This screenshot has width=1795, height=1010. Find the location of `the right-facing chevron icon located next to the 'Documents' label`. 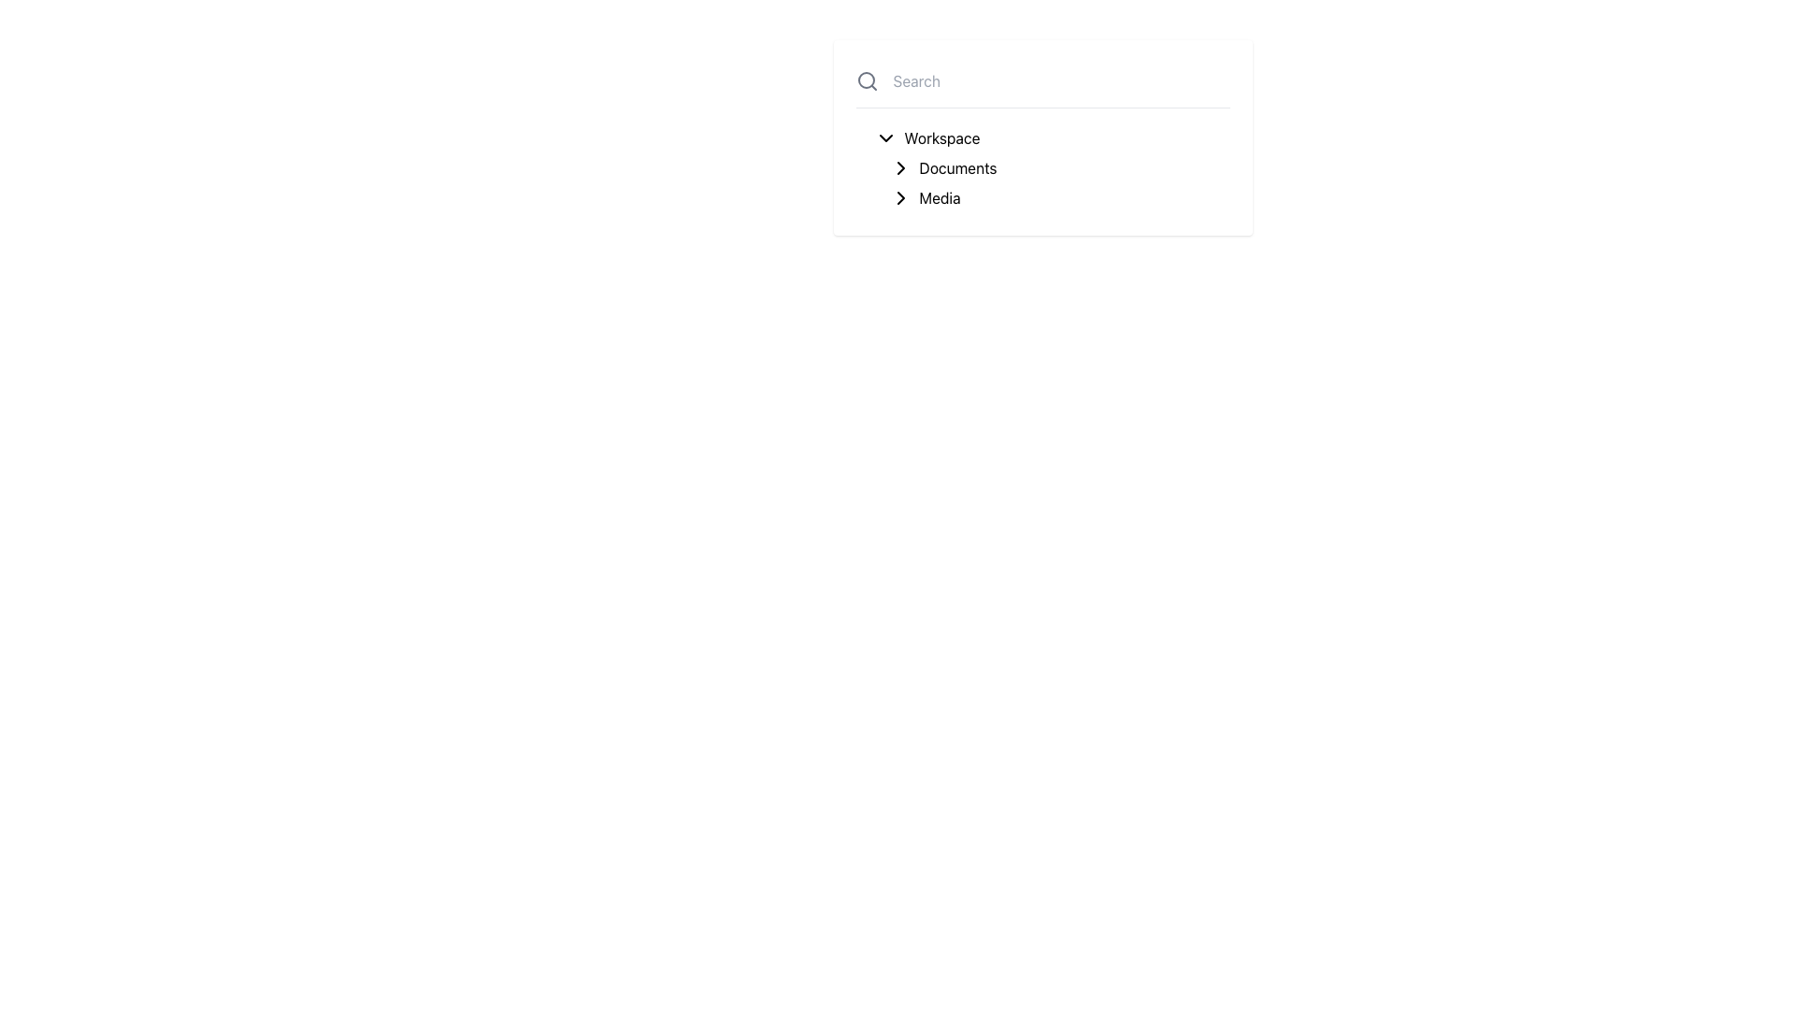

the right-facing chevron icon located next to the 'Documents' label is located at coordinates (900, 168).